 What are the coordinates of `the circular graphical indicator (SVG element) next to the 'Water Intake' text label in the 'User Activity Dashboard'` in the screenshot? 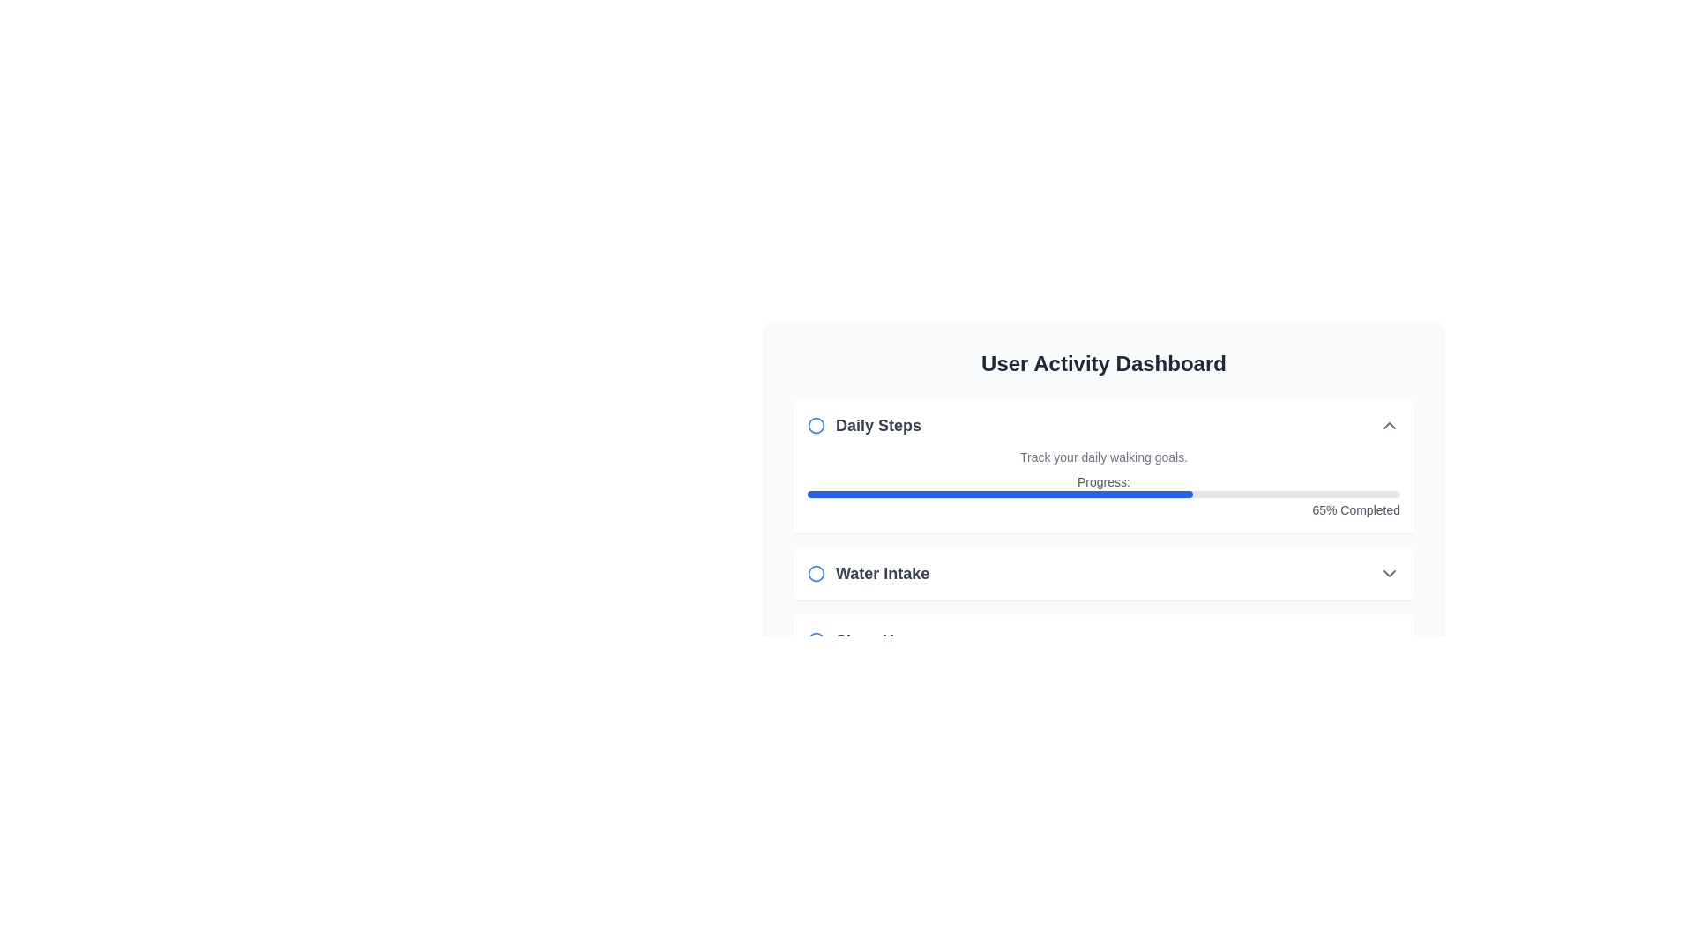 It's located at (816, 574).